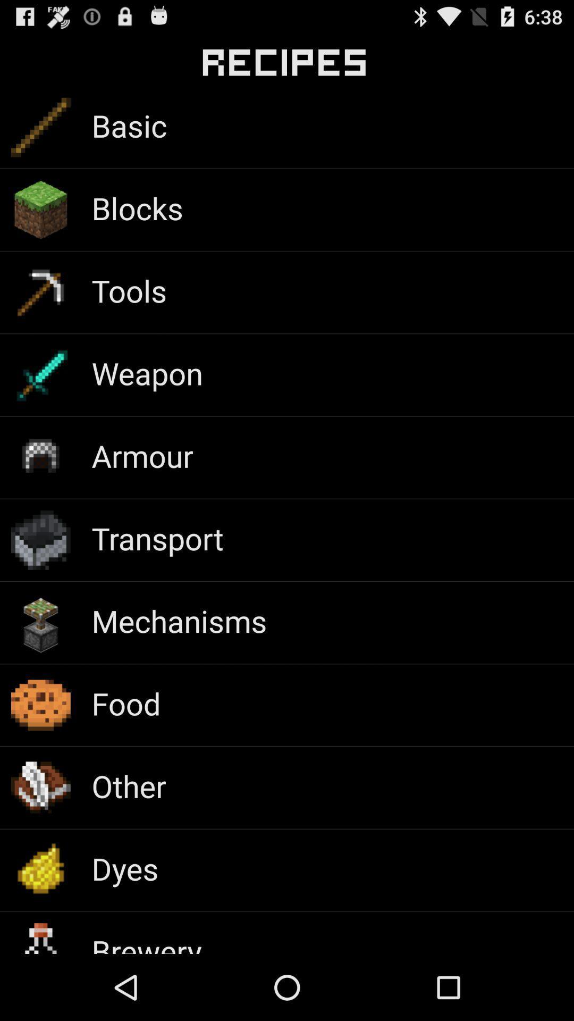 This screenshot has height=1021, width=574. What do you see at coordinates (137, 208) in the screenshot?
I see `item below the basic item` at bounding box center [137, 208].